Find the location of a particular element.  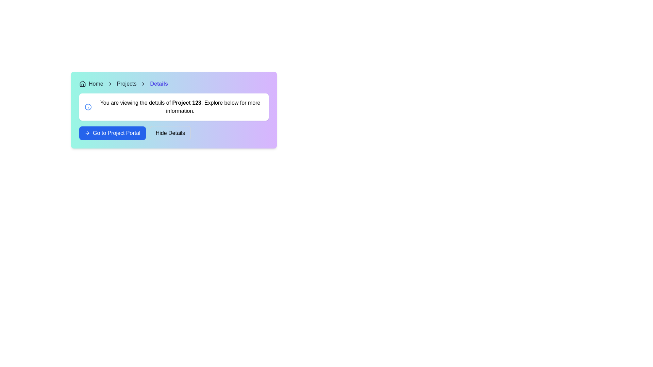

the blue button labeled 'Go to Project Portal' to change its color is located at coordinates (112, 133).